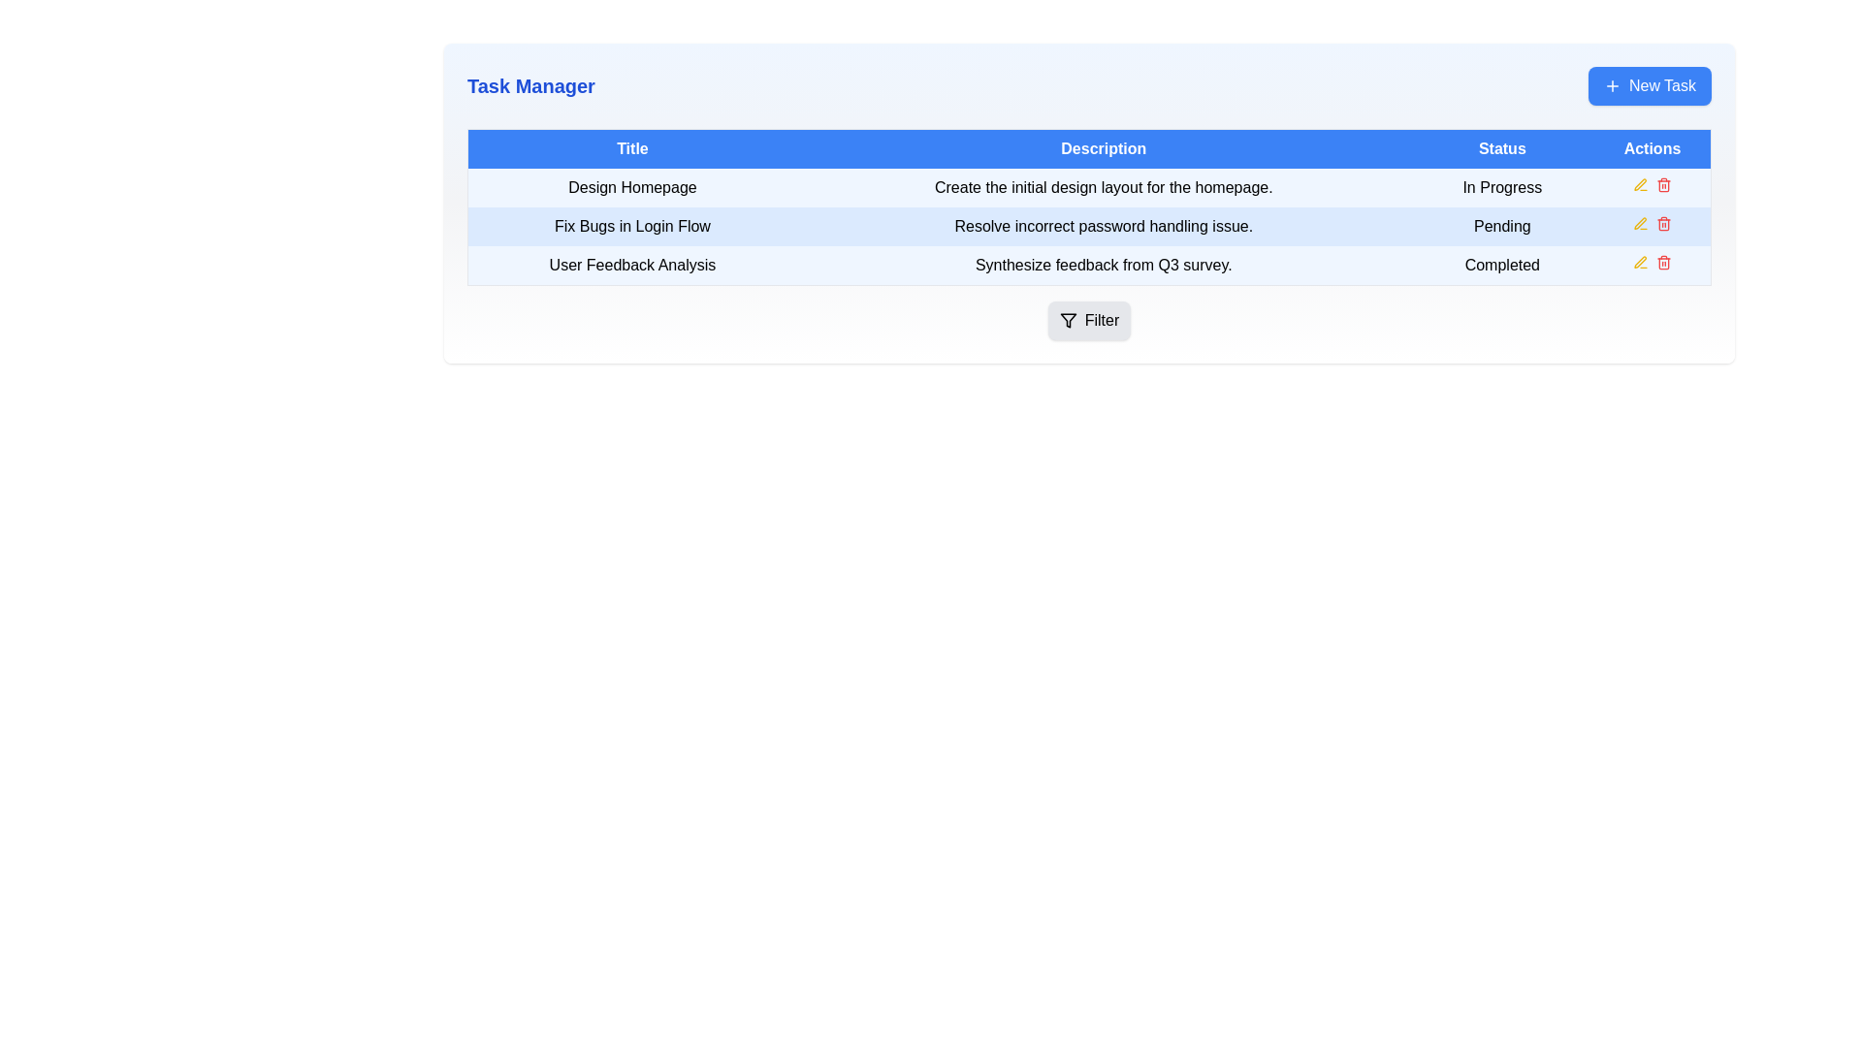 The image size is (1862, 1047). What do you see at coordinates (1102, 320) in the screenshot?
I see `the 'Filter' text label which is styled in black within a light gray rounded rectangle button, located in the bottom right corner of the table interface` at bounding box center [1102, 320].